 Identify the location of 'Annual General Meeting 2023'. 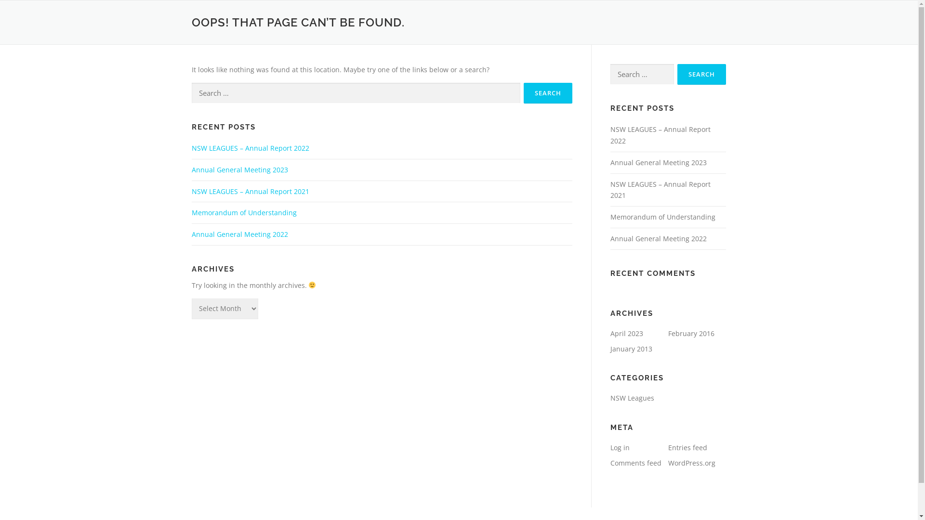
(609, 162).